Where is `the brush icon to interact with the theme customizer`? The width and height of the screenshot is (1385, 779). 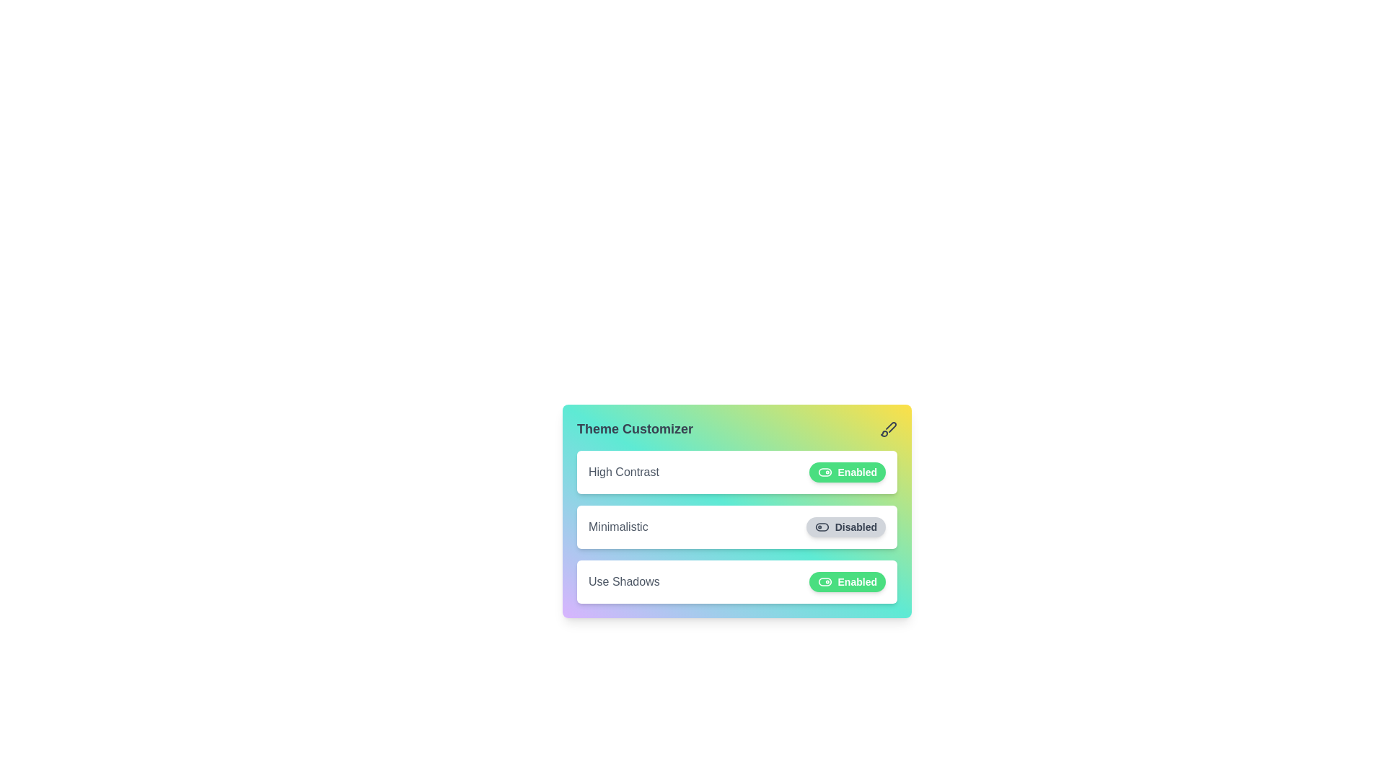
the brush icon to interact with the theme customizer is located at coordinates (888, 428).